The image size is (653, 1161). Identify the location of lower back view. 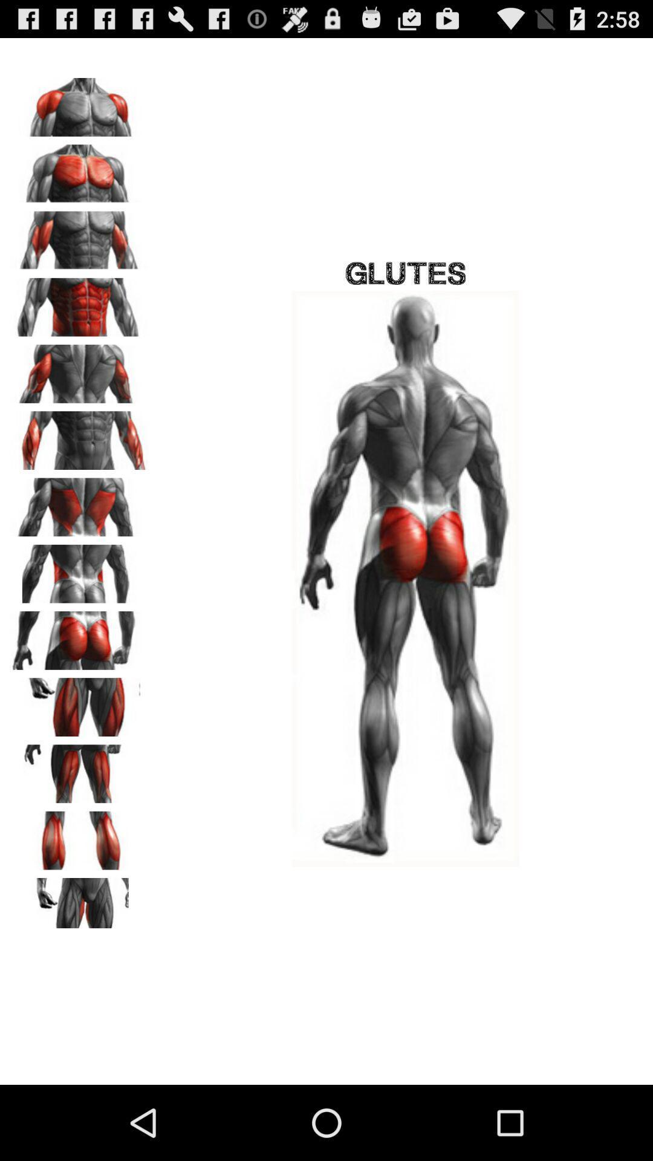
(79, 569).